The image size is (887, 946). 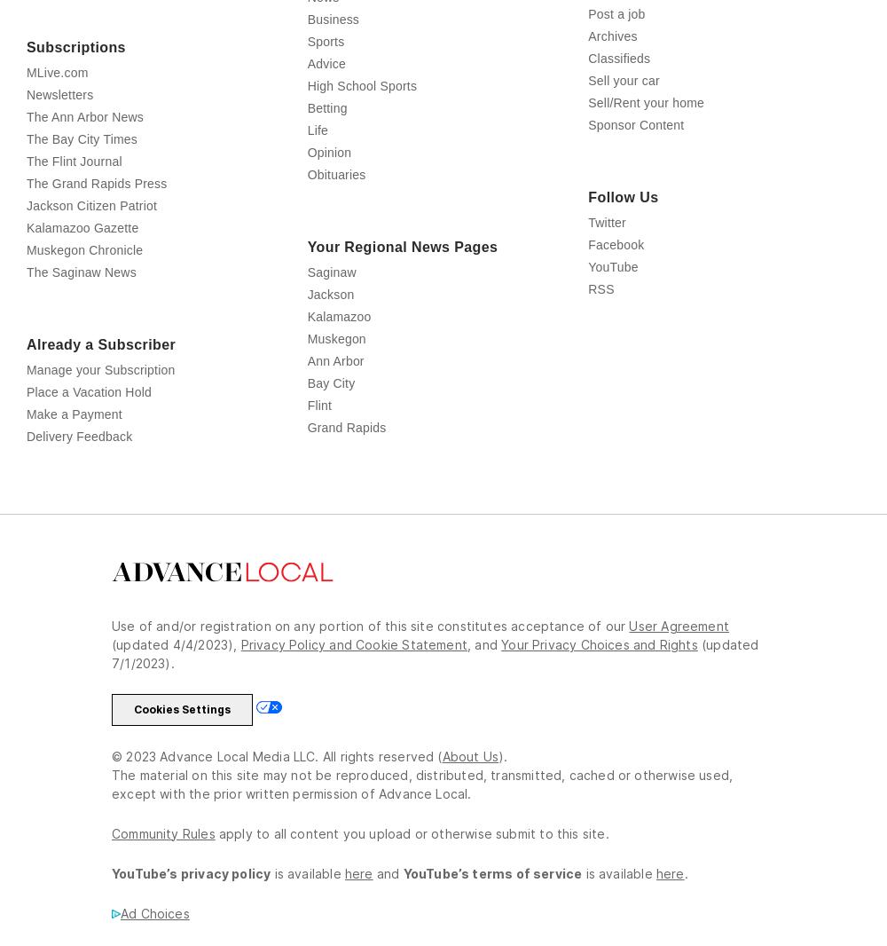 I want to click on 'News', so click(x=322, y=74).